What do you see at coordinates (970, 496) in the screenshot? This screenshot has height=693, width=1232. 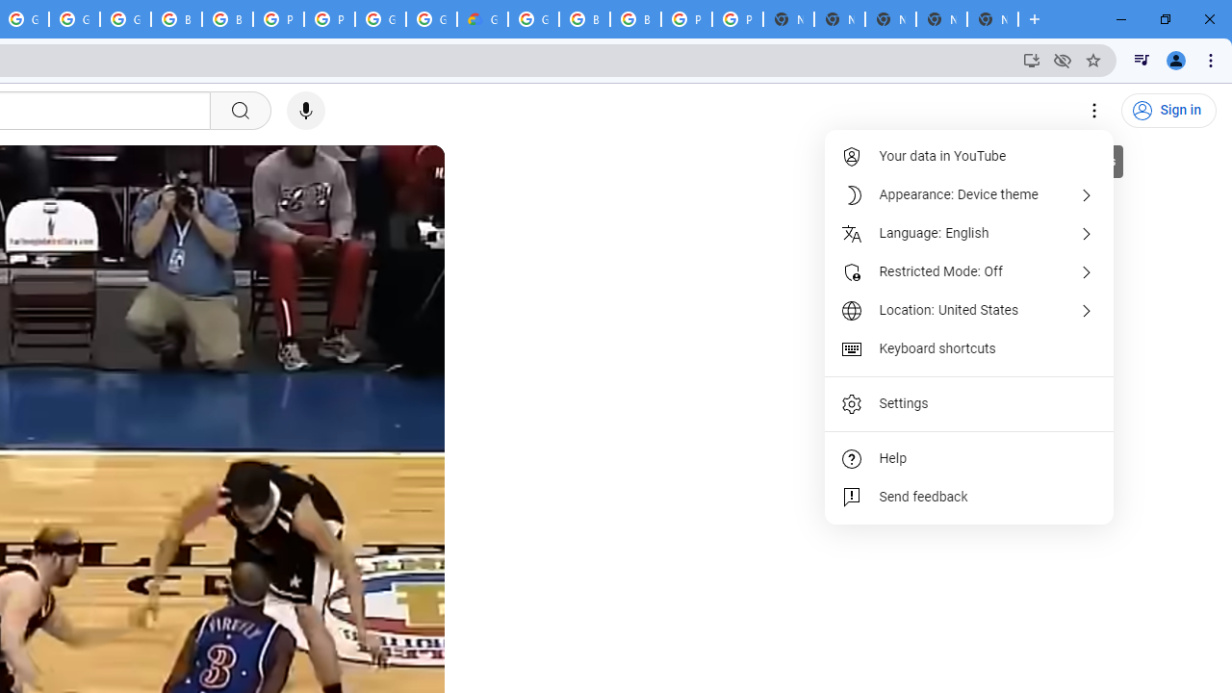 I see `'Send feedback'` at bounding box center [970, 496].